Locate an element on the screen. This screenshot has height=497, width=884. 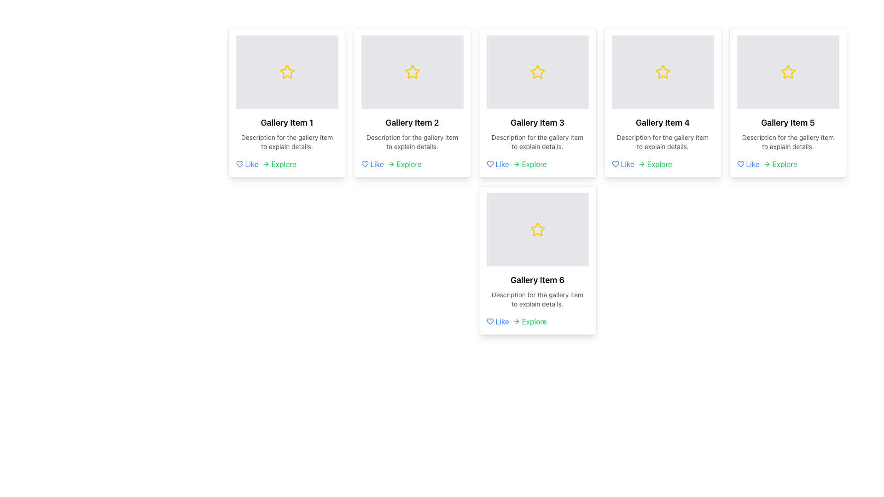
the Text label that serves as the title of the fourth gallery card, located in the second row, first column of the grid layout is located at coordinates (662, 122).